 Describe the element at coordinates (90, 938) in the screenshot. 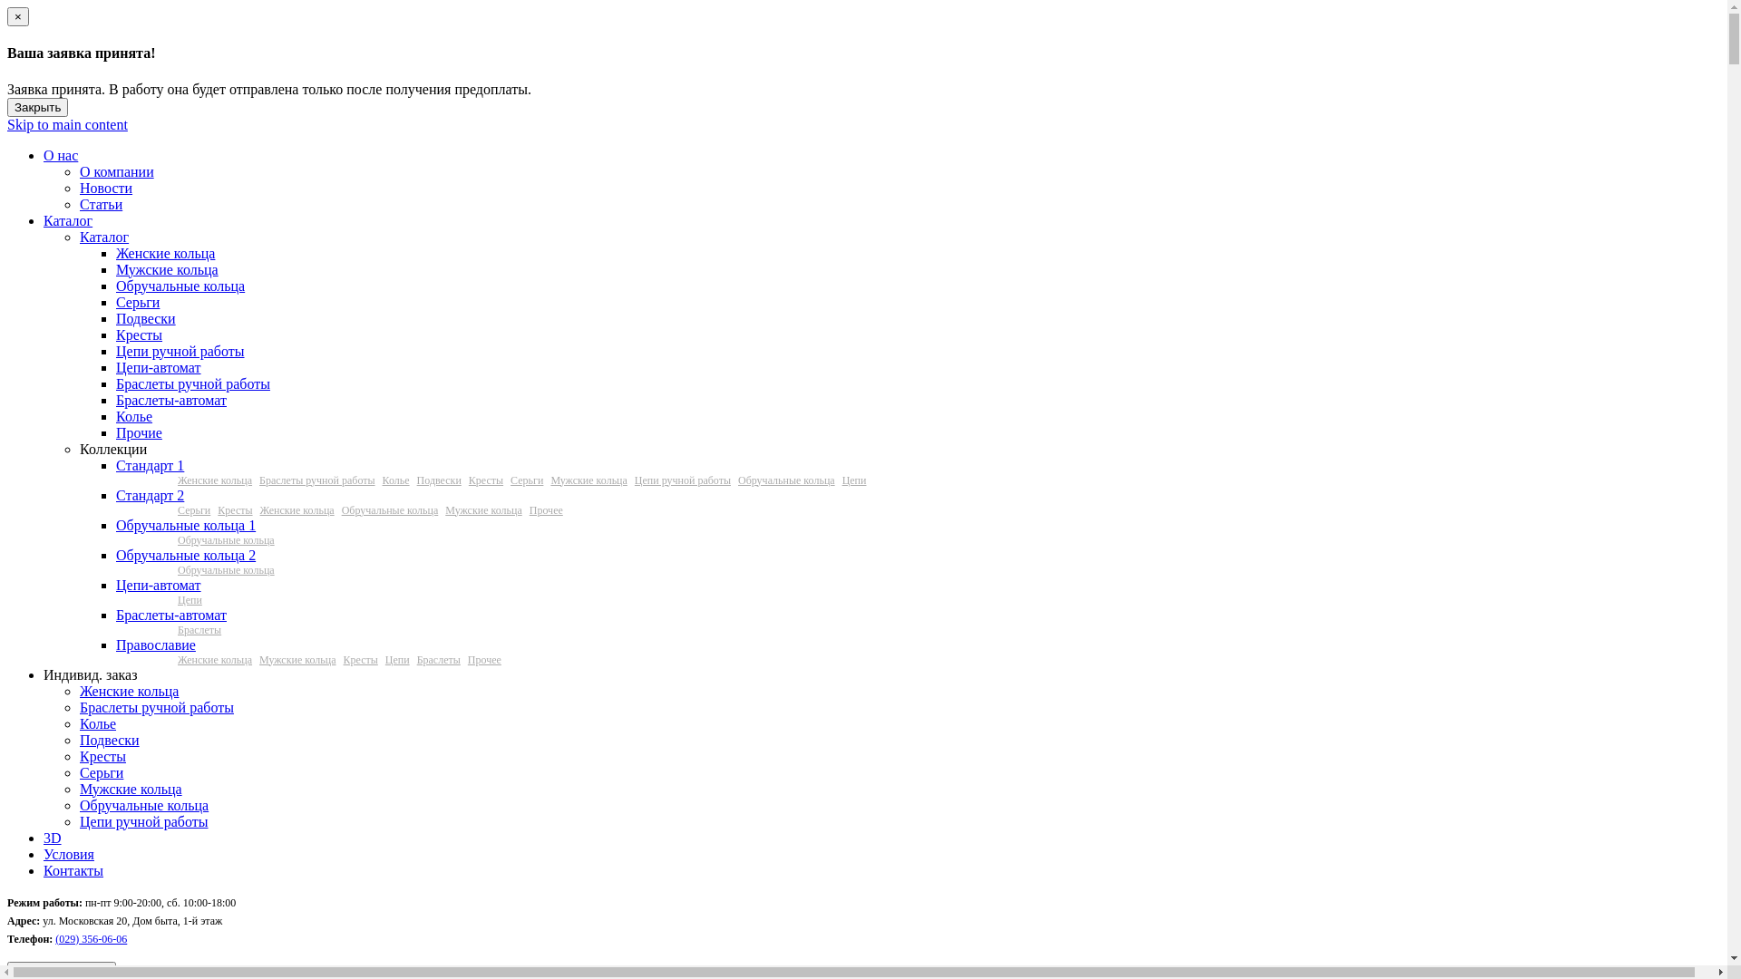

I see `'(029) 356-06-06'` at that location.